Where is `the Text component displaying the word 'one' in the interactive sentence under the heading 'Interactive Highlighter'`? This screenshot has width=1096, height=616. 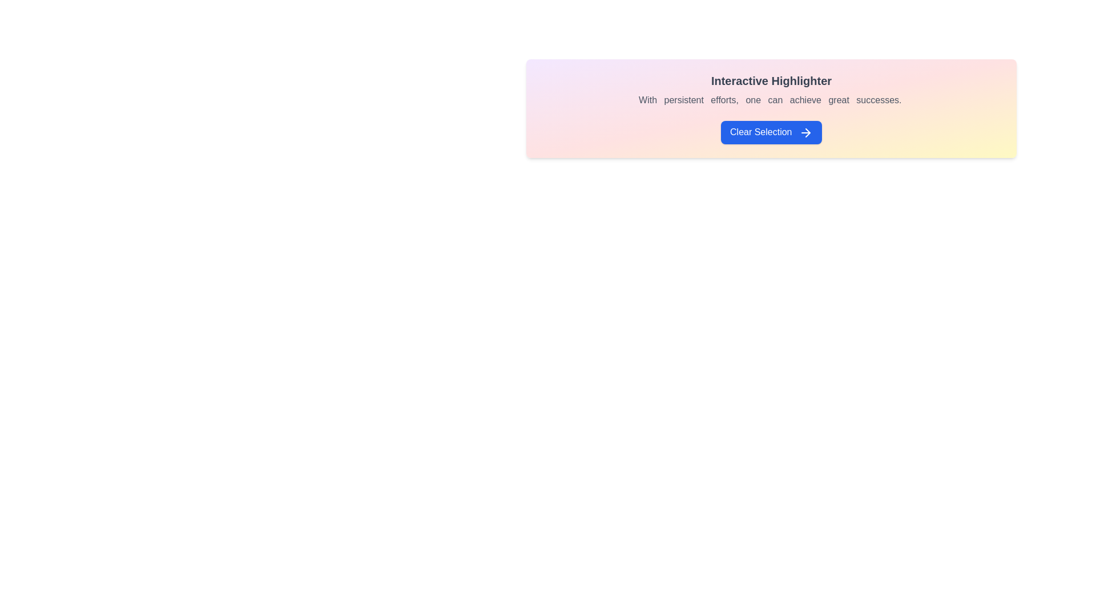 the Text component displaying the word 'one' in the interactive sentence under the heading 'Interactive Highlighter' is located at coordinates (754, 99).